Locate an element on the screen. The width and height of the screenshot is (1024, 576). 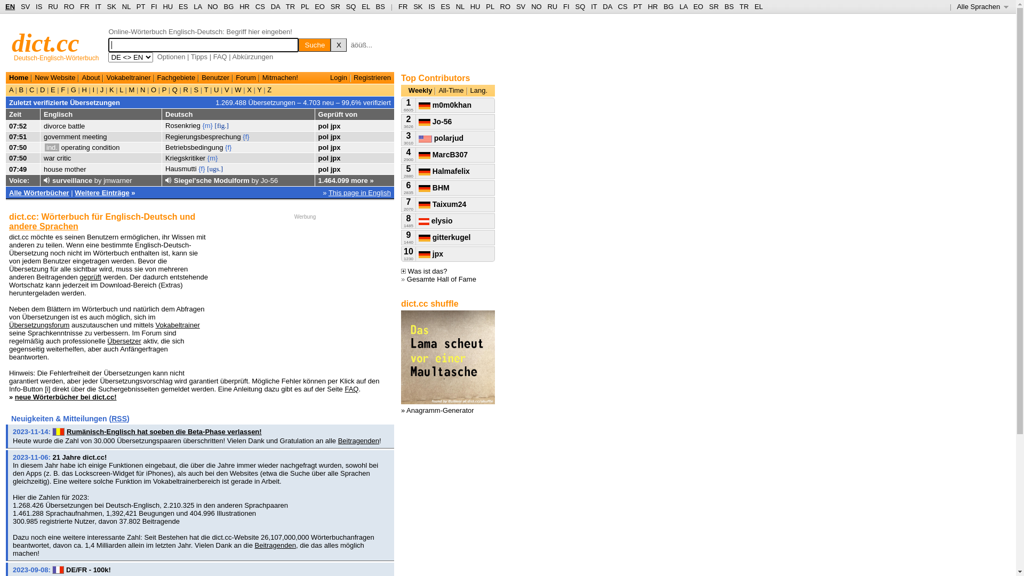
'Halmafelix' is located at coordinates (418, 170).